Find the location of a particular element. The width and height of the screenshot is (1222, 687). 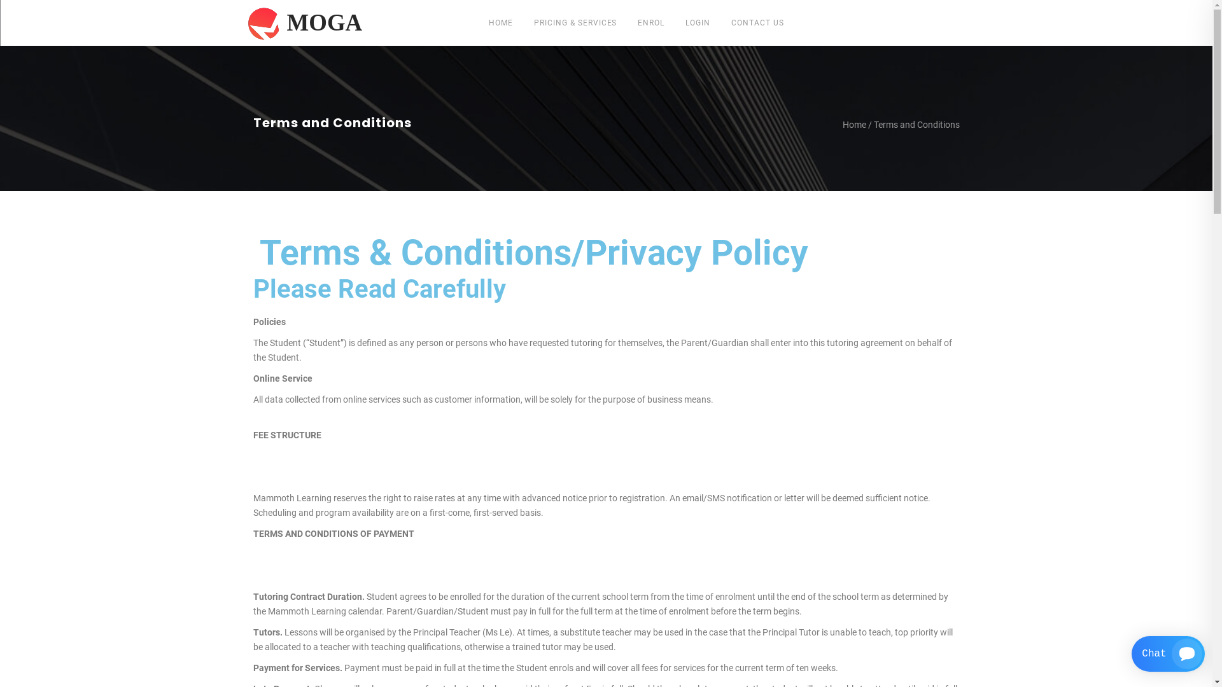

'Home' is located at coordinates (854, 125).